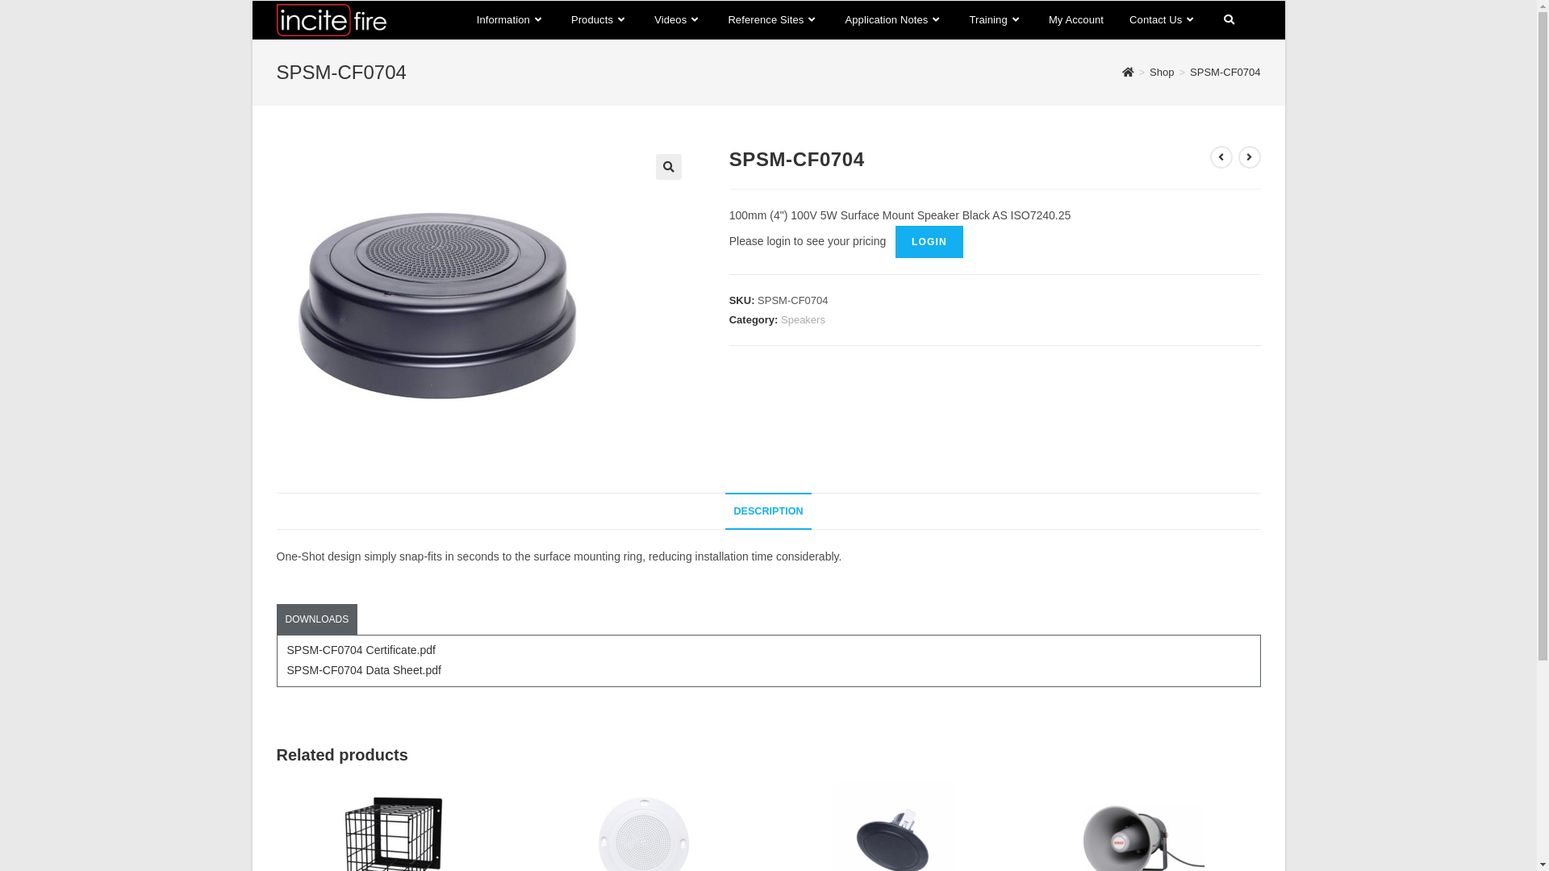  What do you see at coordinates (437, 307) in the screenshot?
I see `'SPSM-CF0704'` at bounding box center [437, 307].